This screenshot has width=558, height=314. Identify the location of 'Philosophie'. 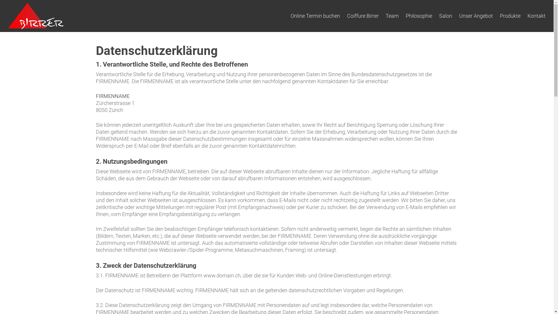
(405, 15).